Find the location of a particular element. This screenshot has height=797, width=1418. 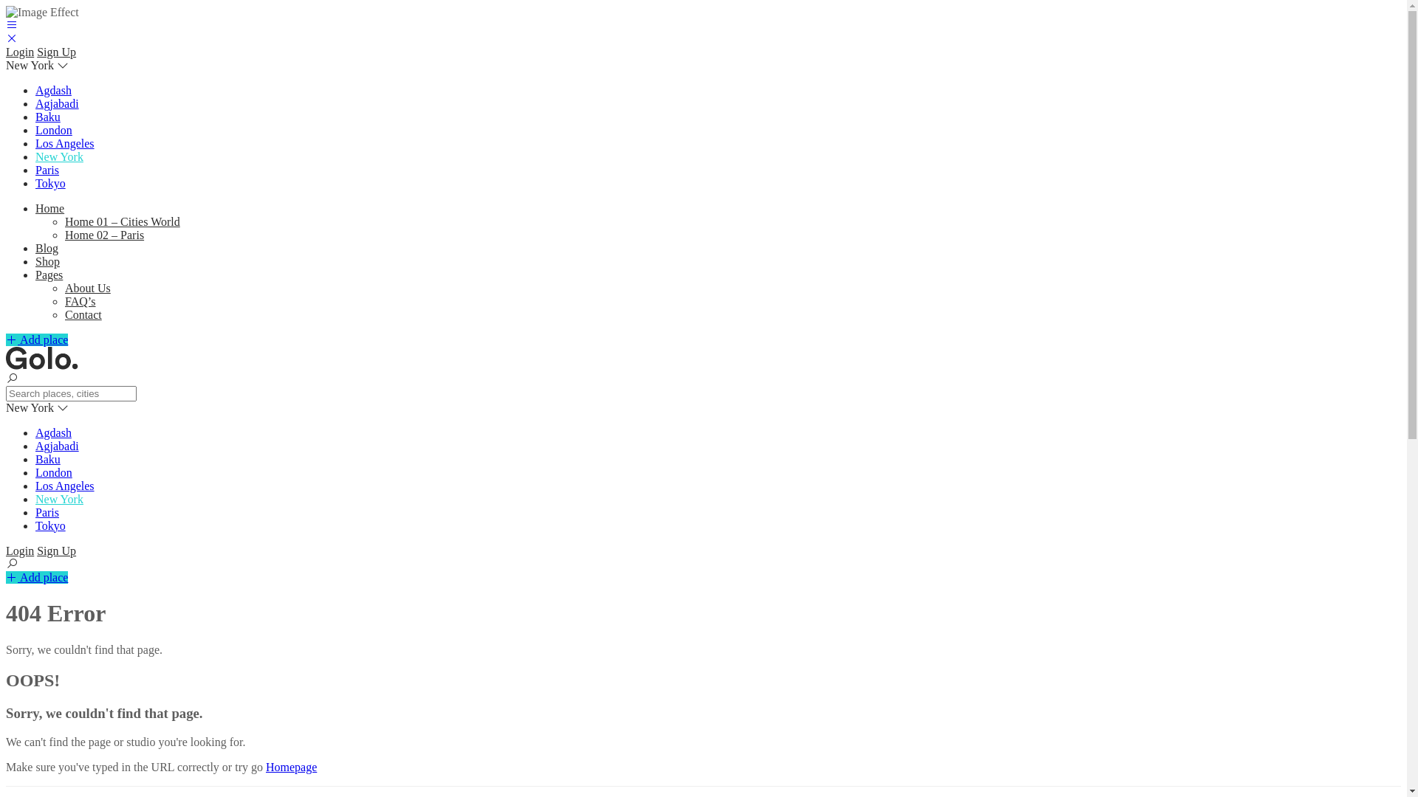

'Homepage' is located at coordinates (291, 766).